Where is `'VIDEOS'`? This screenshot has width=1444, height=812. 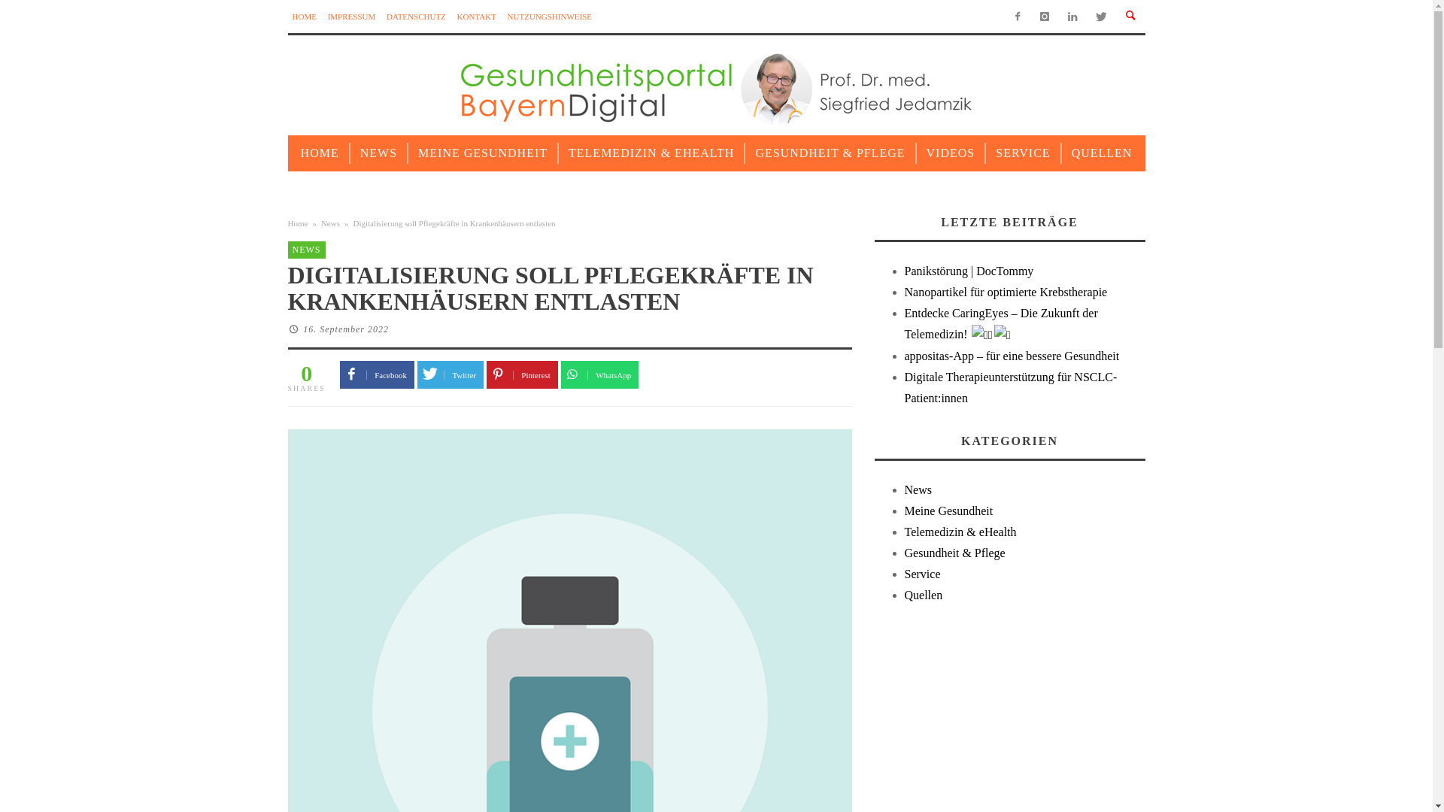
'VIDEOS' is located at coordinates (916, 153).